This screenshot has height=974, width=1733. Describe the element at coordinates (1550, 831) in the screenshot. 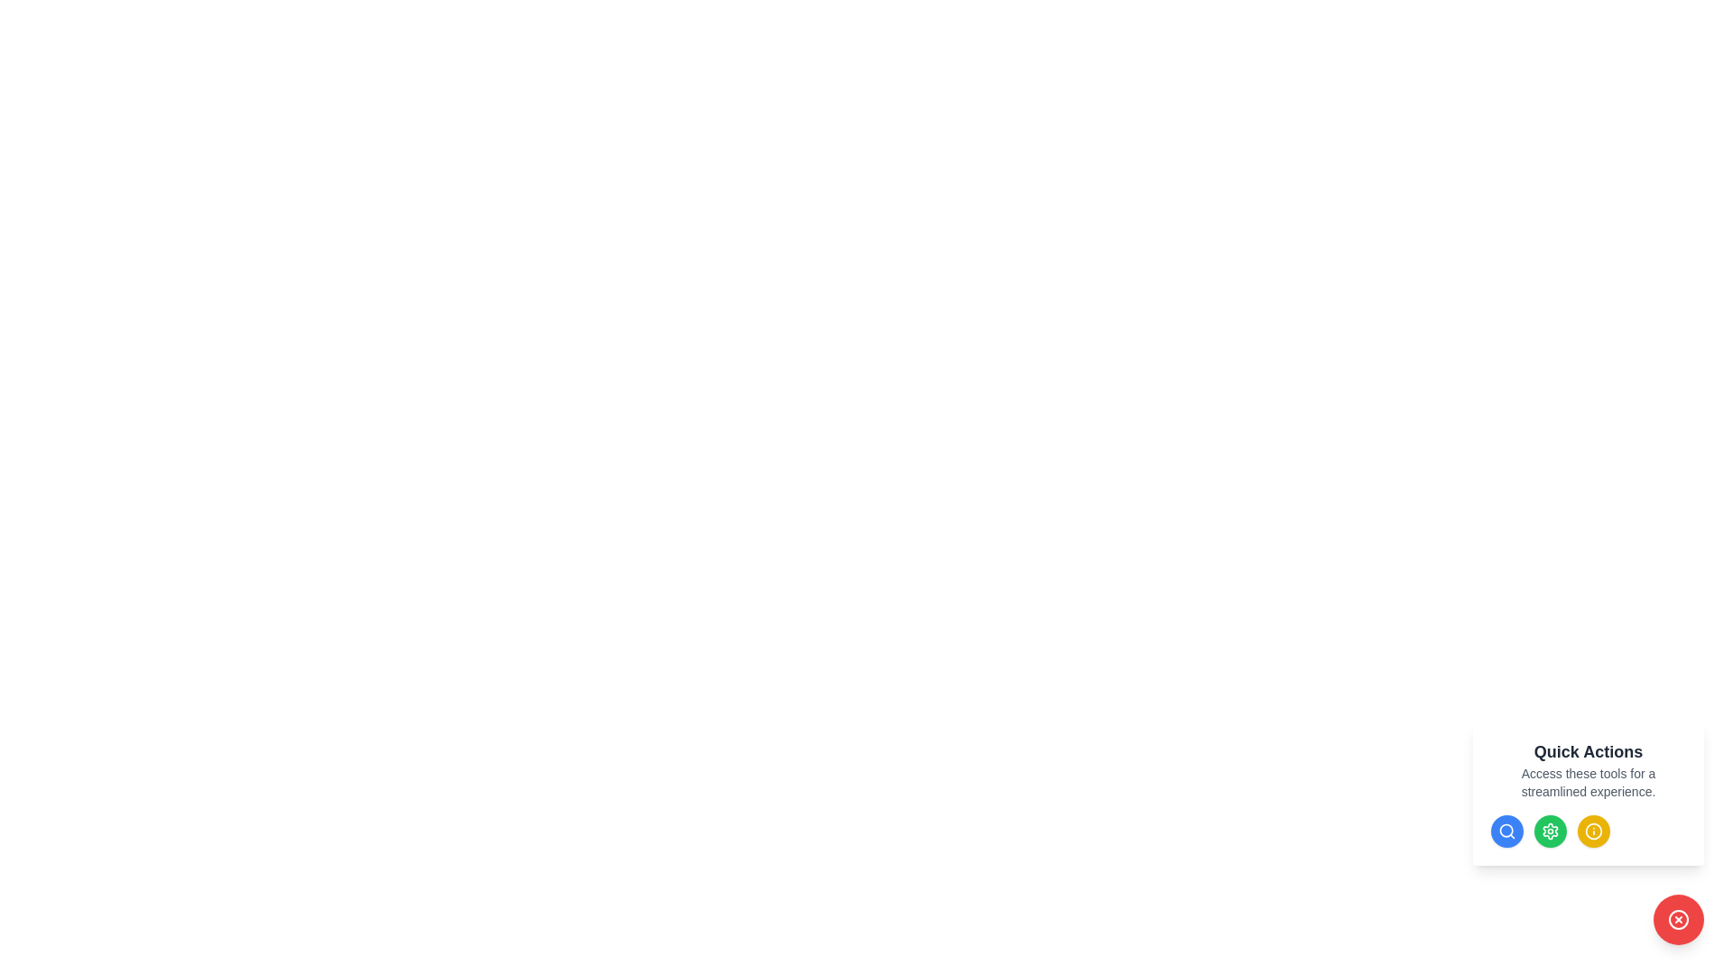

I see `the Settings Icon, which is a gear-like icon with a green circular background and a white circular border, located among the three circular icons labeled as 'Quick Actions' in the bottom-right quadrant of the interface` at that location.